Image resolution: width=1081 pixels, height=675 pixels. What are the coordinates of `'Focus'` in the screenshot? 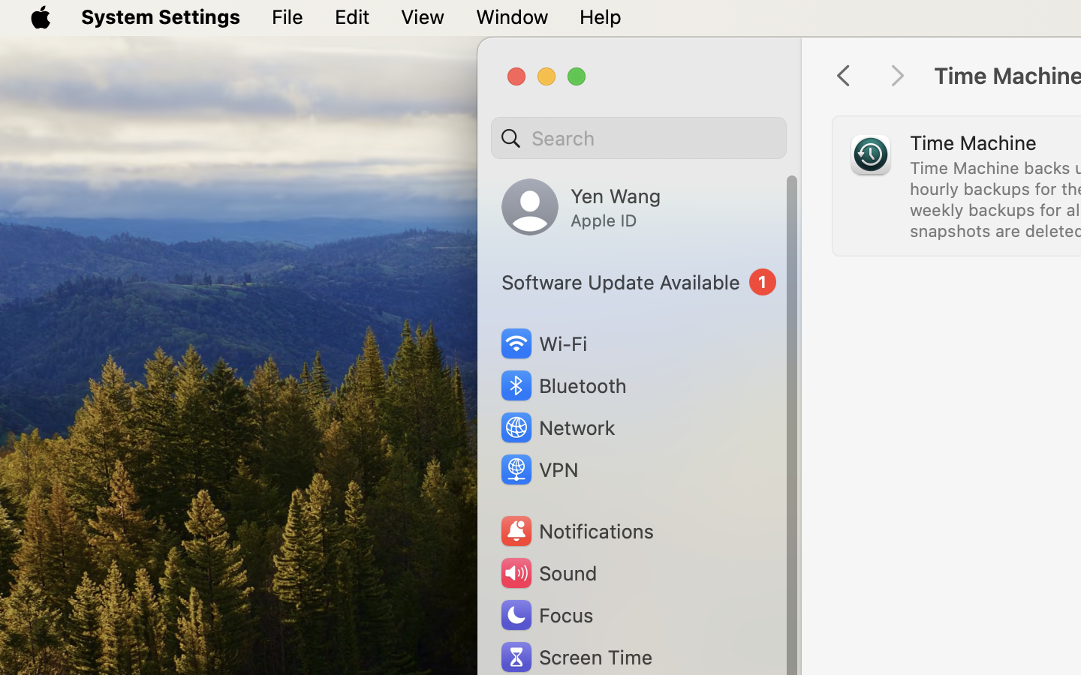 It's located at (545, 614).